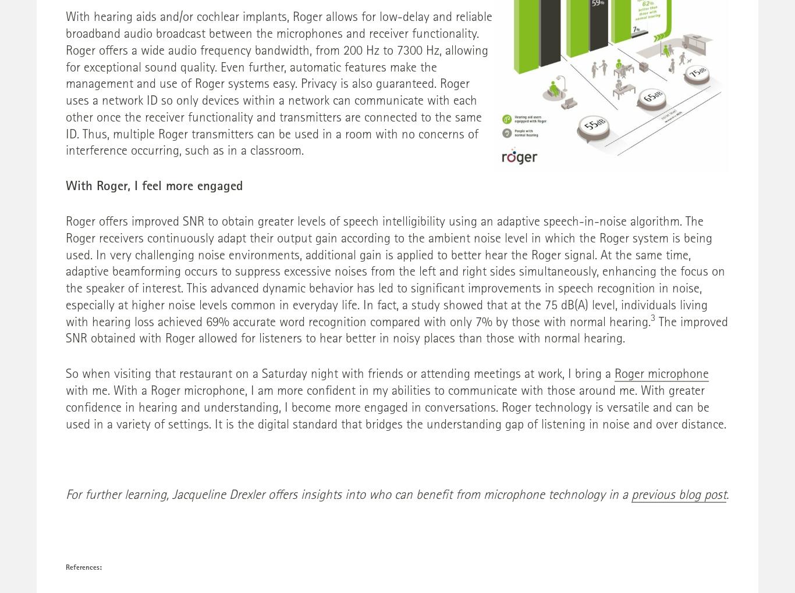 The image size is (795, 593). What do you see at coordinates (65, 375) in the screenshot?
I see `'So when visiting that restaurant on a Saturday night with friends or attending meetings at work, I bring a'` at bounding box center [65, 375].